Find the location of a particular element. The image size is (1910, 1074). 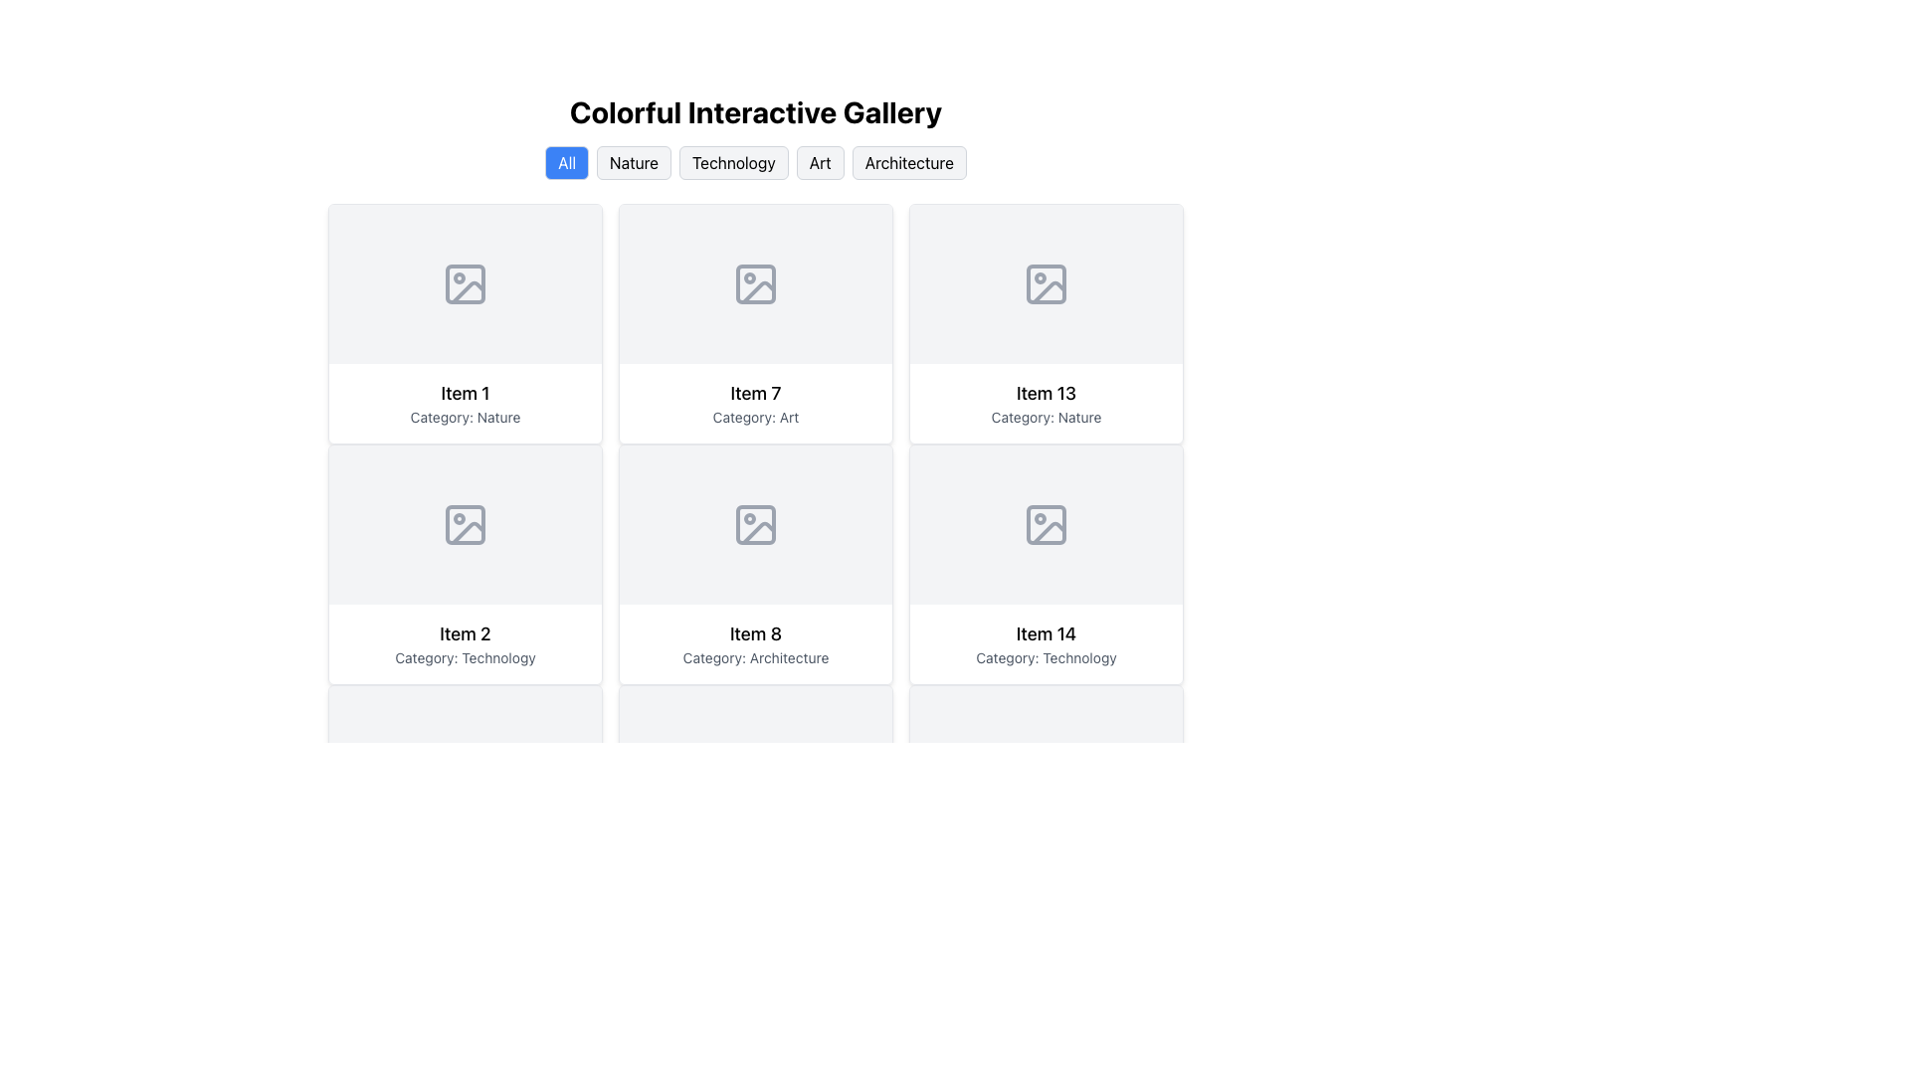

the small rectangular element with rounded corners located in the center of the grid icon labeled 'Item 8 - Category: Architecture' is located at coordinates (754, 524).